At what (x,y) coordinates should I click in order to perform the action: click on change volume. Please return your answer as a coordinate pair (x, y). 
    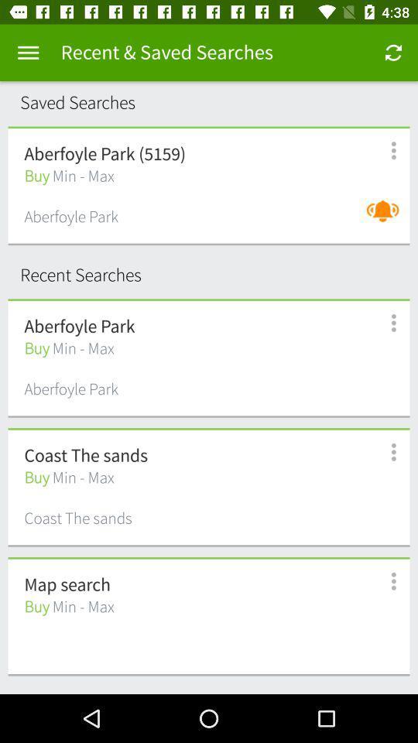
    Looking at the image, I should click on (385, 218).